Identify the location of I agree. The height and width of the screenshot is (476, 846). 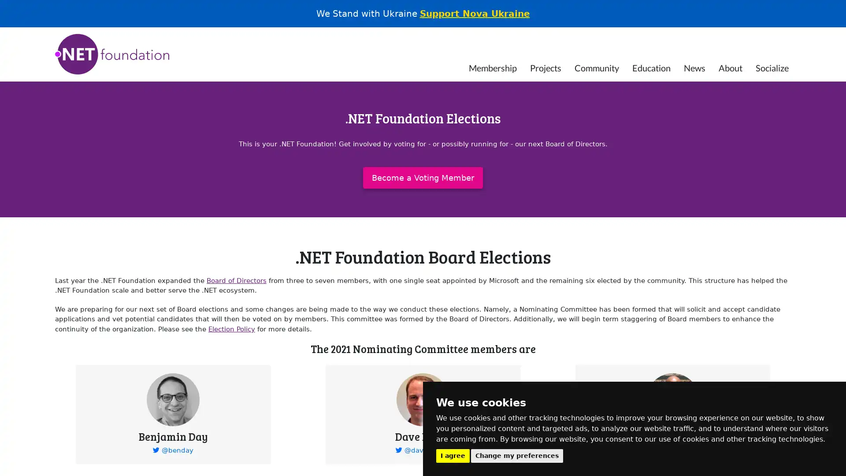
(453, 456).